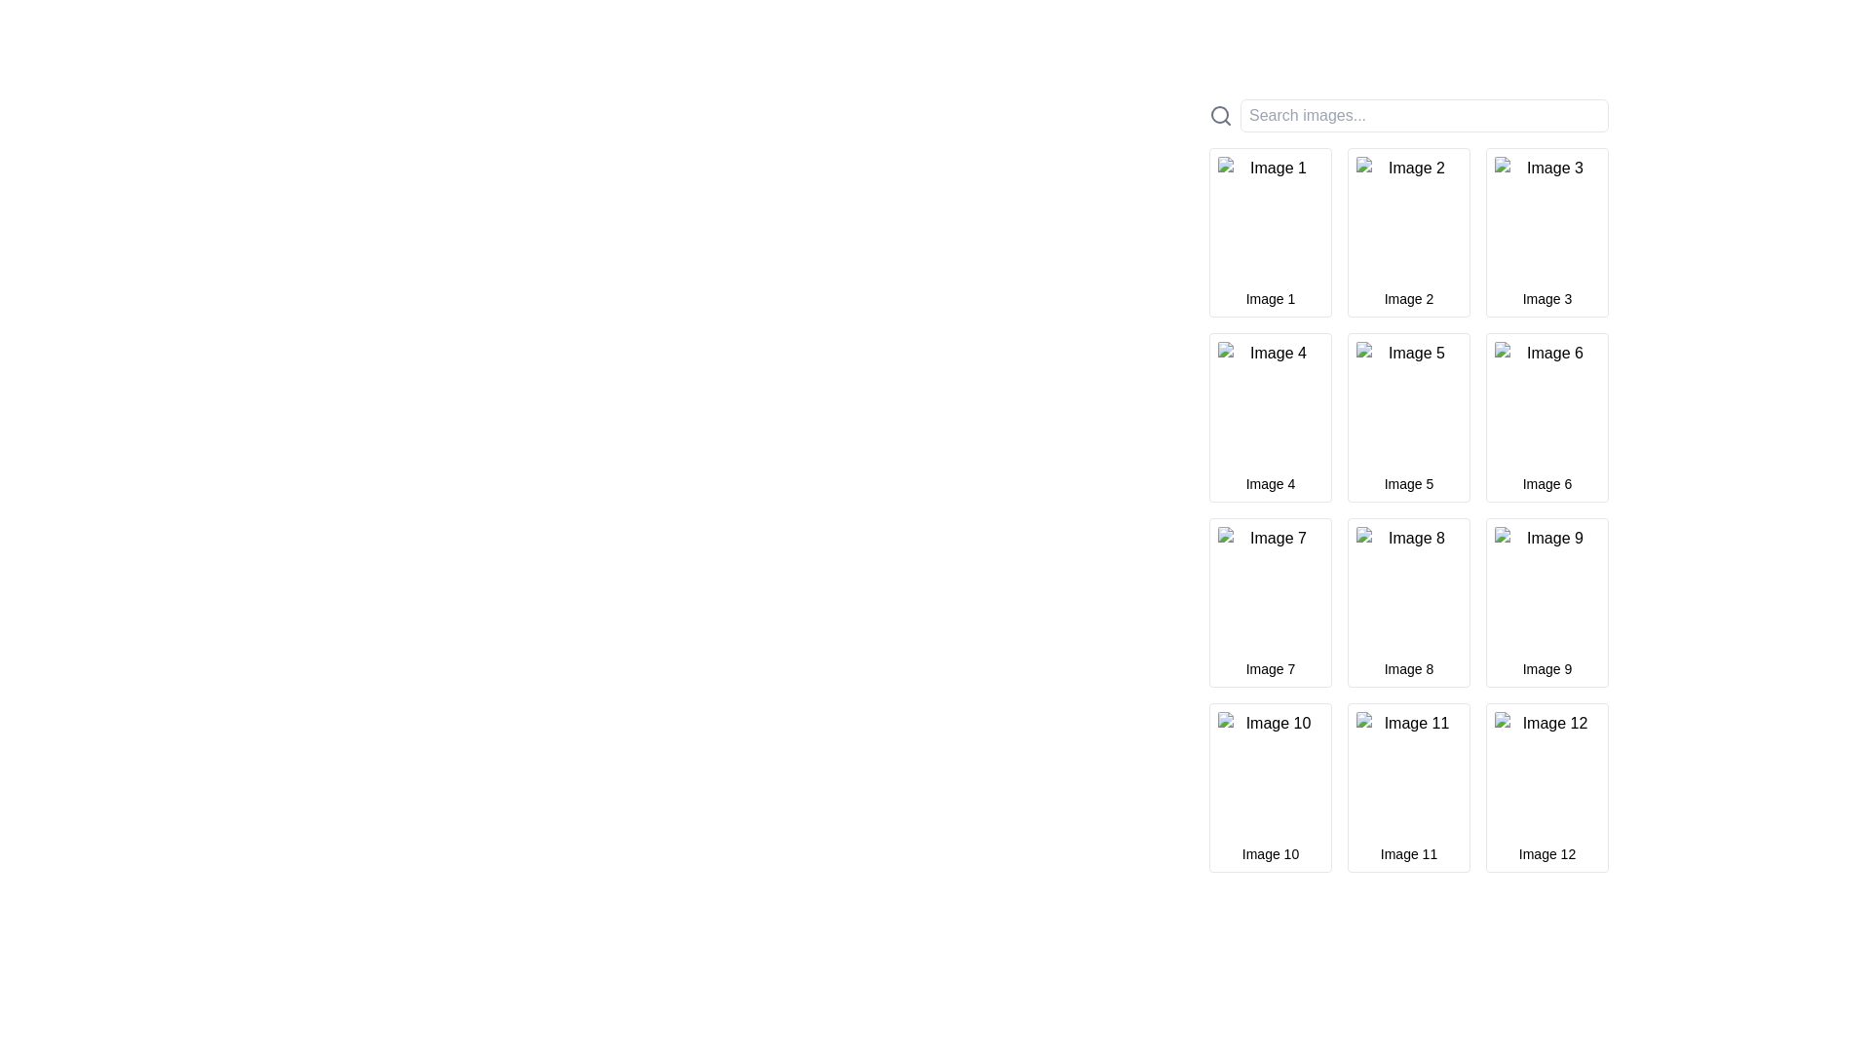  Describe the element at coordinates (1271, 852) in the screenshot. I see `the Text Label located below the thumbnail labeled 'Image 10' in the fourth row and first column of the card layout` at that location.